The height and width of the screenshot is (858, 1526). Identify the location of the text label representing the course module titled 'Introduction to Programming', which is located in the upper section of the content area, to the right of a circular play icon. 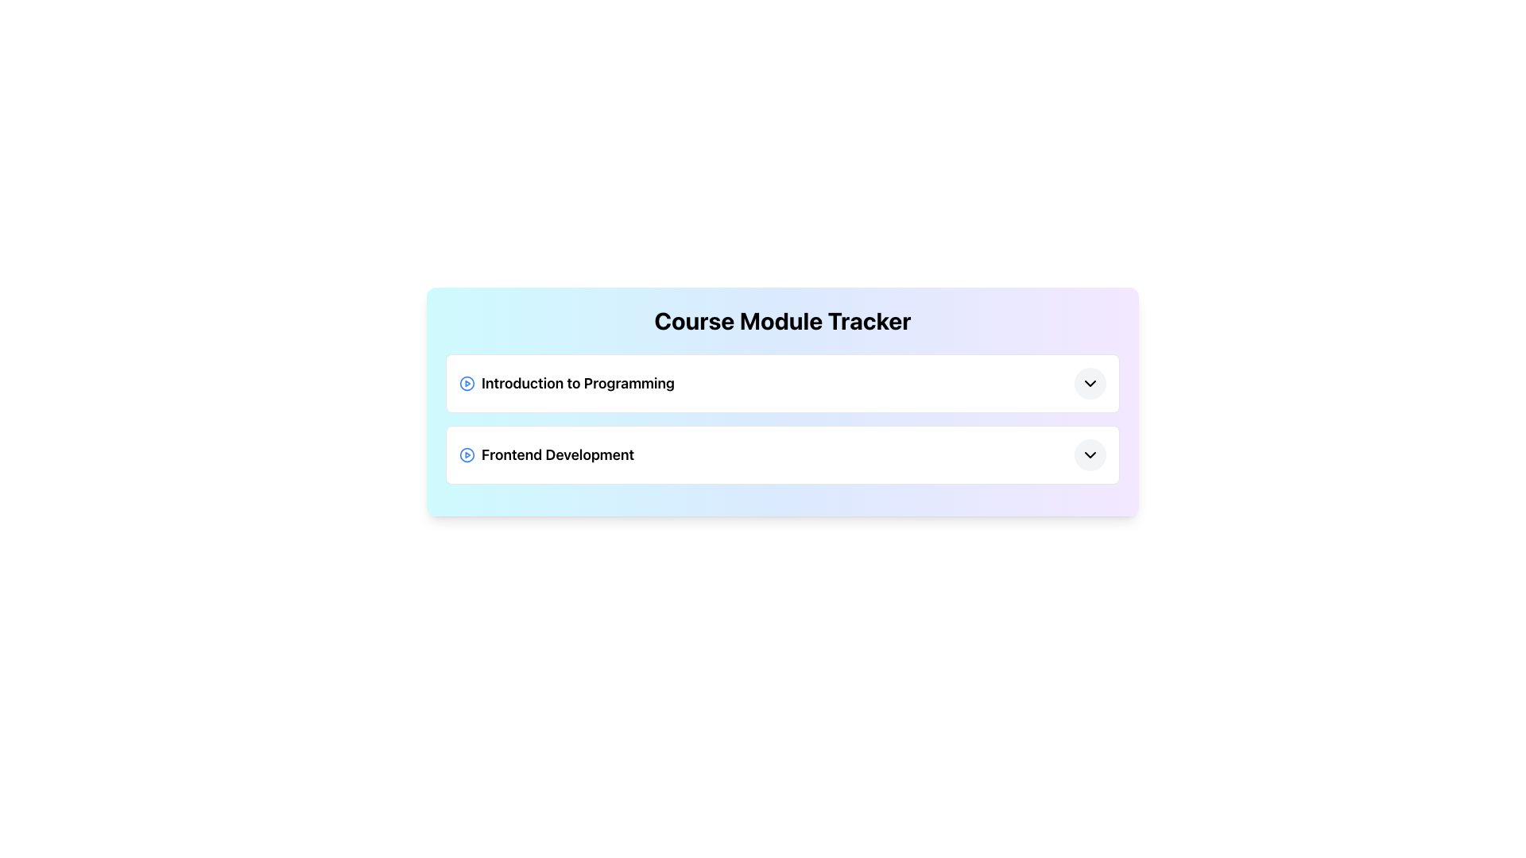
(567, 383).